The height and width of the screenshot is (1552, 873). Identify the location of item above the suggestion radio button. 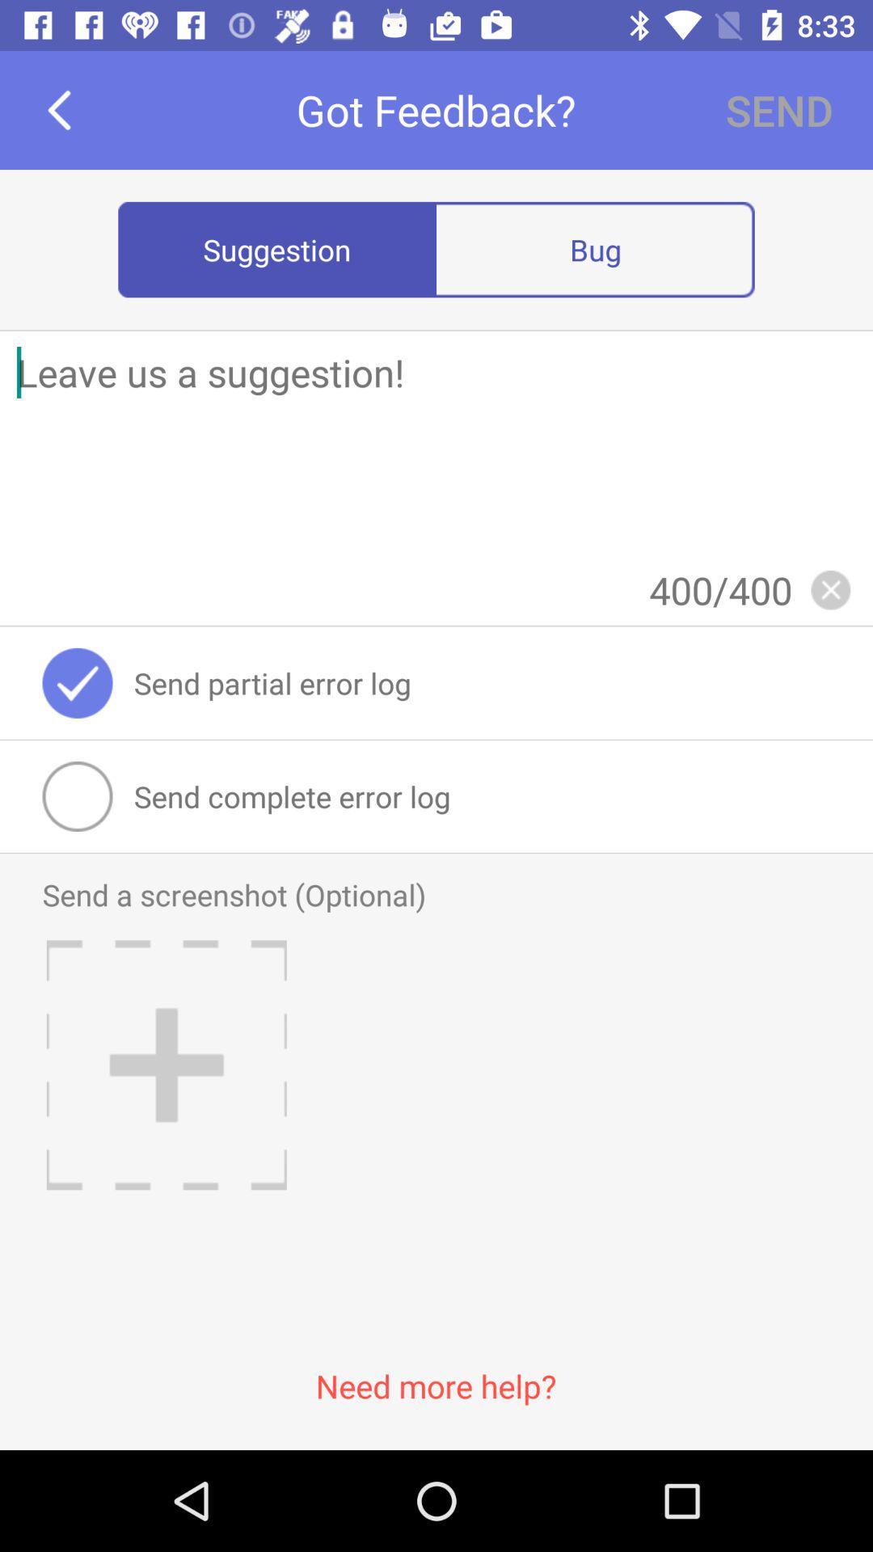
(58, 109).